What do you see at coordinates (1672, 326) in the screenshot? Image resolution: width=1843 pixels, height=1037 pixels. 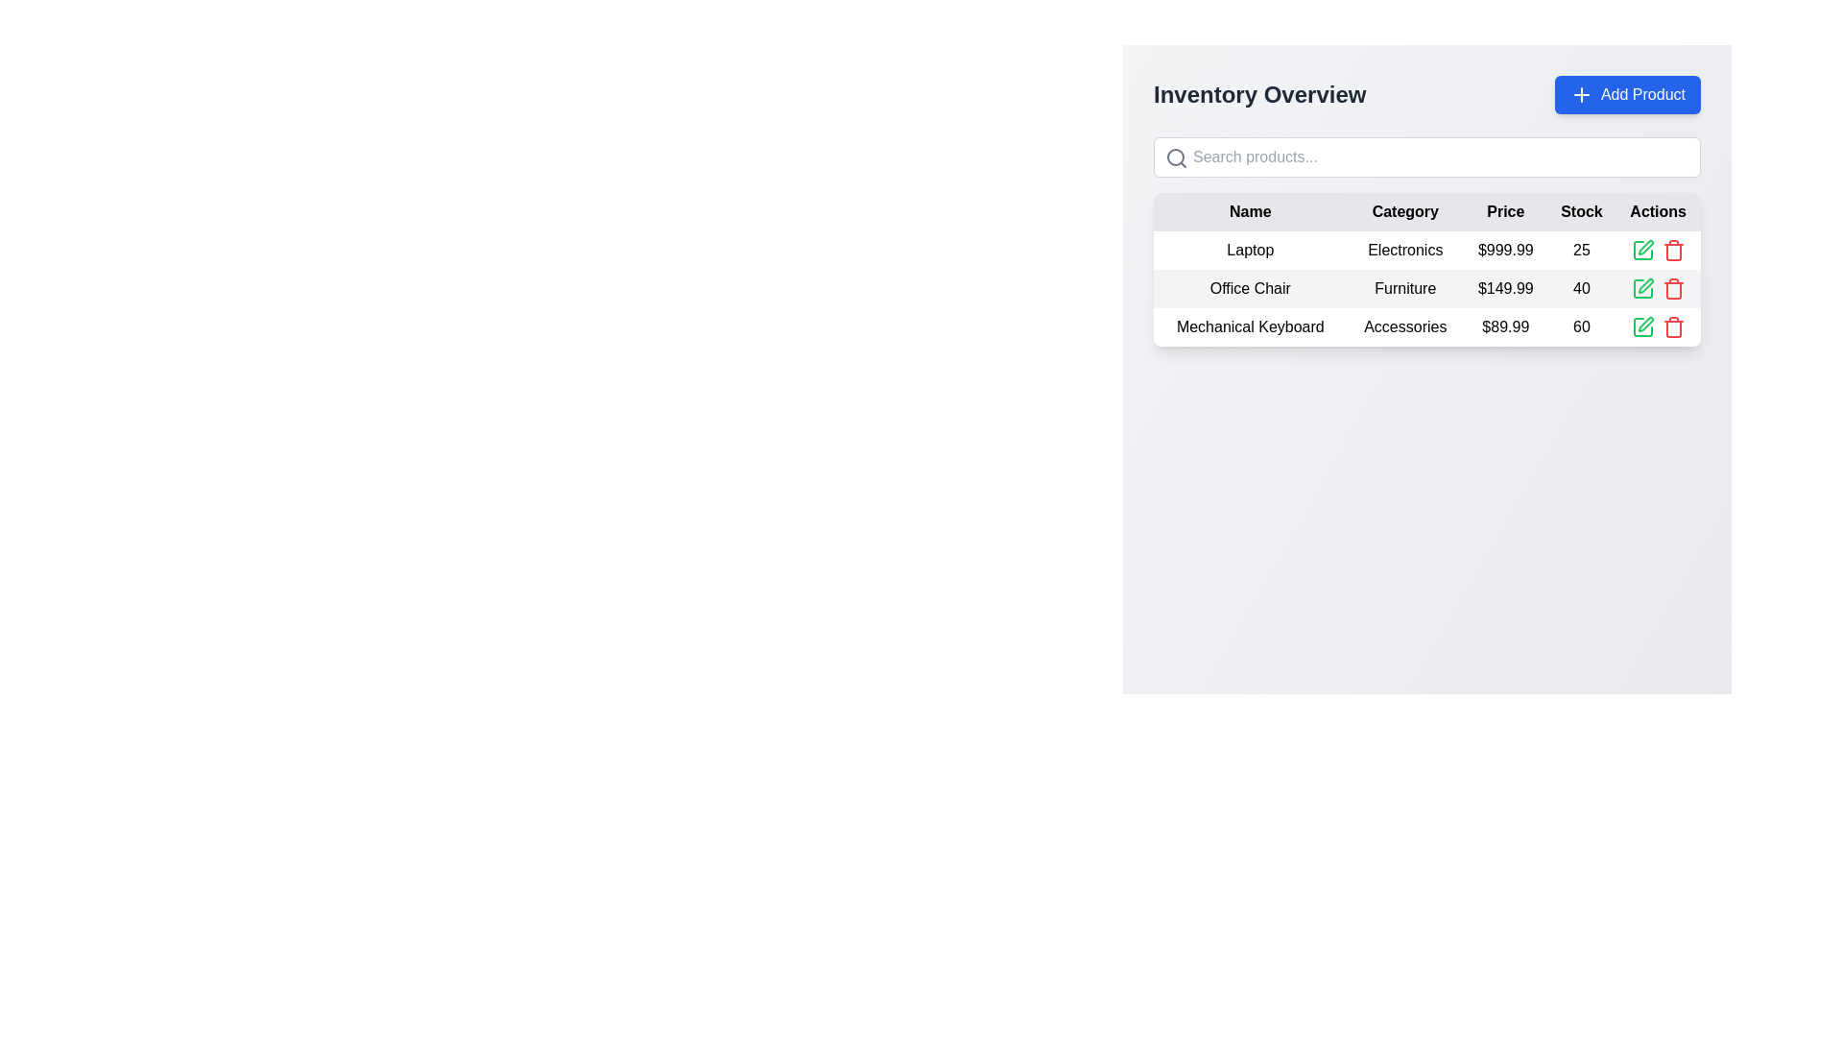 I see `the red trash bin icon in the 'Actions' column of the third row representing 'Mechanical Keyboard'` at bounding box center [1672, 326].